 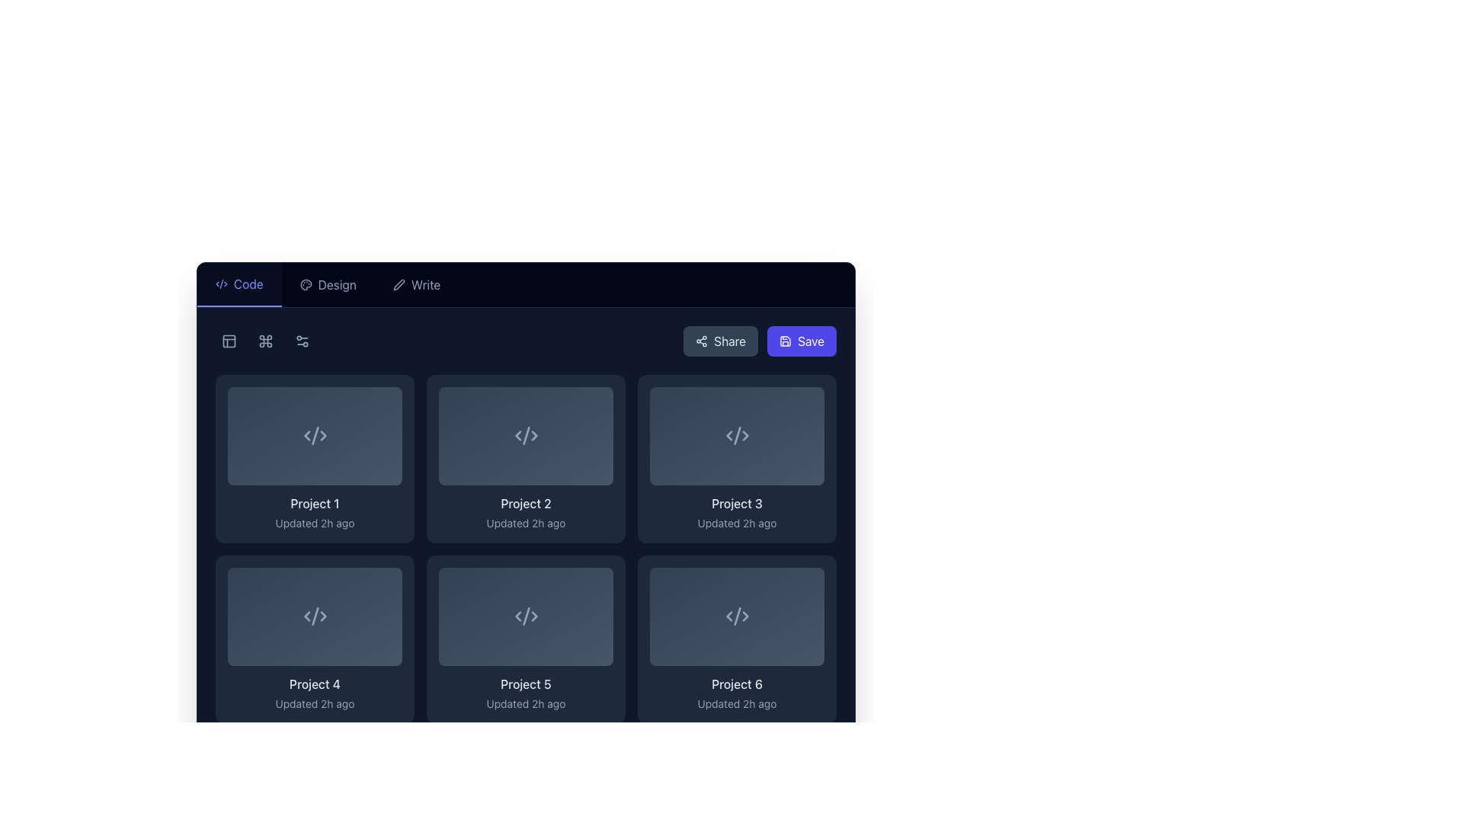 I want to click on the icon button with a square frame and light grey graphic representation located at the top left corner of the interface on a dark navy background, so click(x=229, y=340).